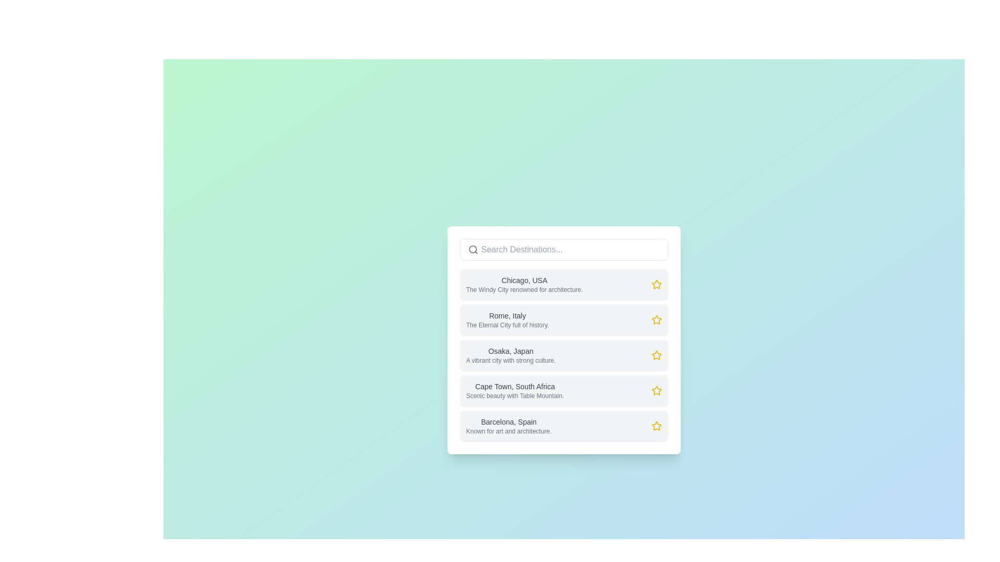 The width and height of the screenshot is (1000, 562). What do you see at coordinates (524, 280) in the screenshot?
I see `the text label displaying 'Chicago, USA' which is styled as a heading and is located above the text 'The Windy City renowned for architecture'` at bounding box center [524, 280].